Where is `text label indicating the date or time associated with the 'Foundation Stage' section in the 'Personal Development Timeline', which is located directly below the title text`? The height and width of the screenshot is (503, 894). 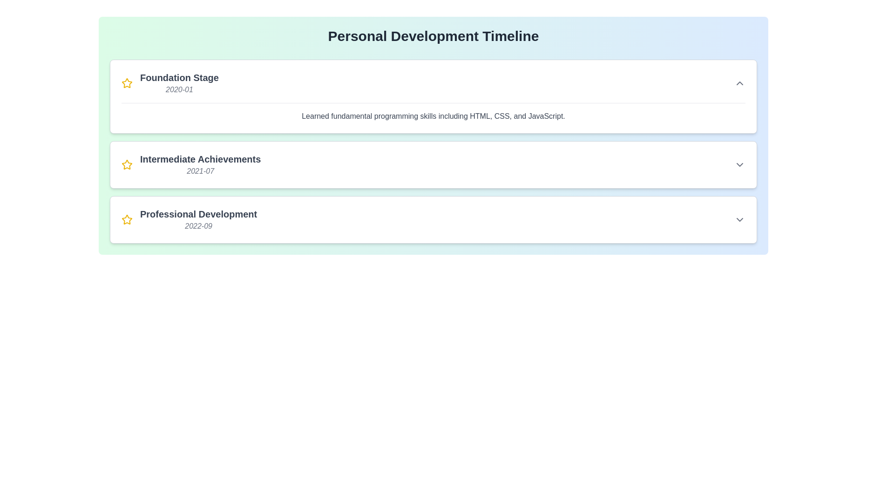 text label indicating the date or time associated with the 'Foundation Stage' section in the 'Personal Development Timeline', which is located directly below the title text is located at coordinates (179, 89).